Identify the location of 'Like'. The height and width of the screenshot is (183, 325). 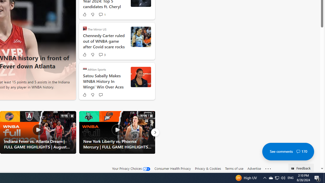
(84, 95).